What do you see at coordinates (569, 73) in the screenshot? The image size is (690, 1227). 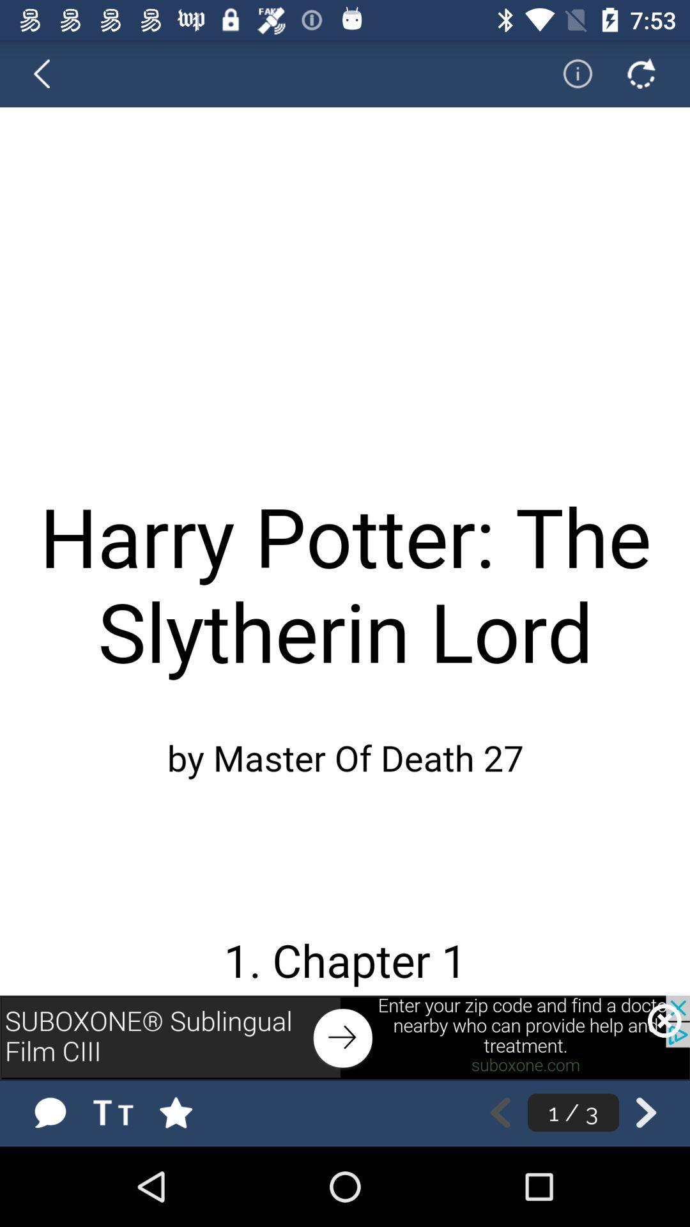 I see `info` at bounding box center [569, 73].